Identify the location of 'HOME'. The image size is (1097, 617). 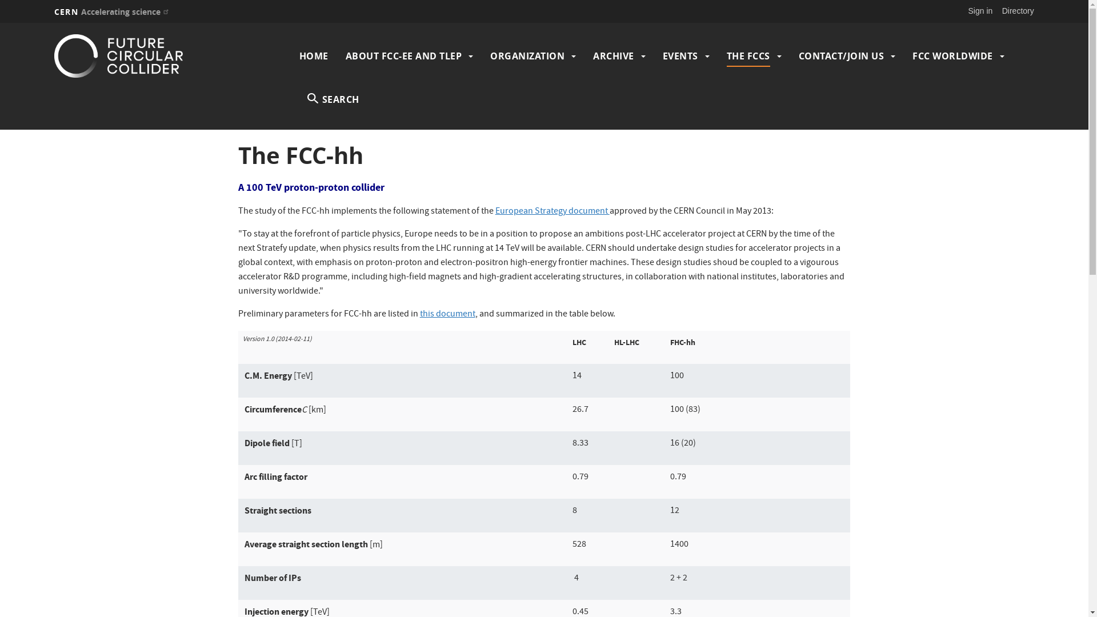
(314, 55).